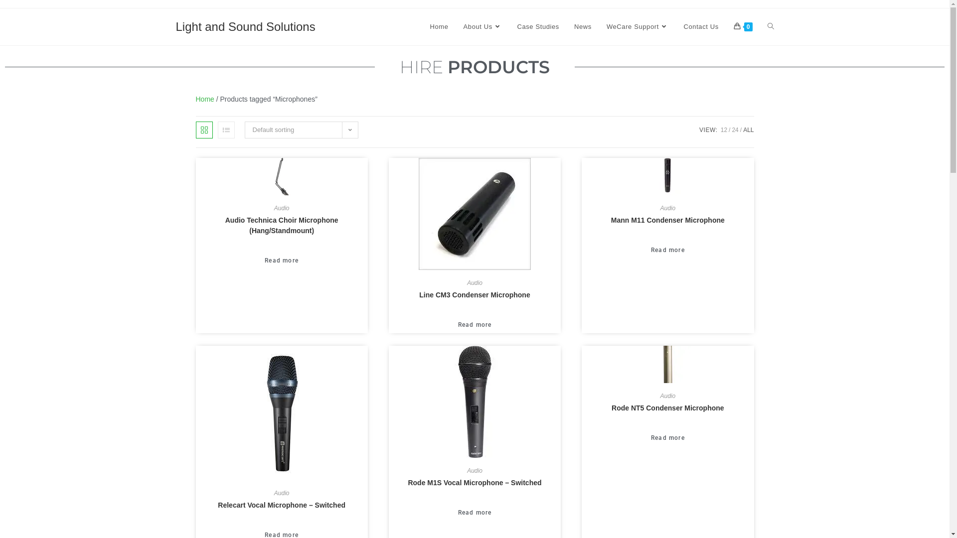 This screenshot has height=538, width=957. Describe the element at coordinates (281, 260) in the screenshot. I see `'Read more'` at that location.